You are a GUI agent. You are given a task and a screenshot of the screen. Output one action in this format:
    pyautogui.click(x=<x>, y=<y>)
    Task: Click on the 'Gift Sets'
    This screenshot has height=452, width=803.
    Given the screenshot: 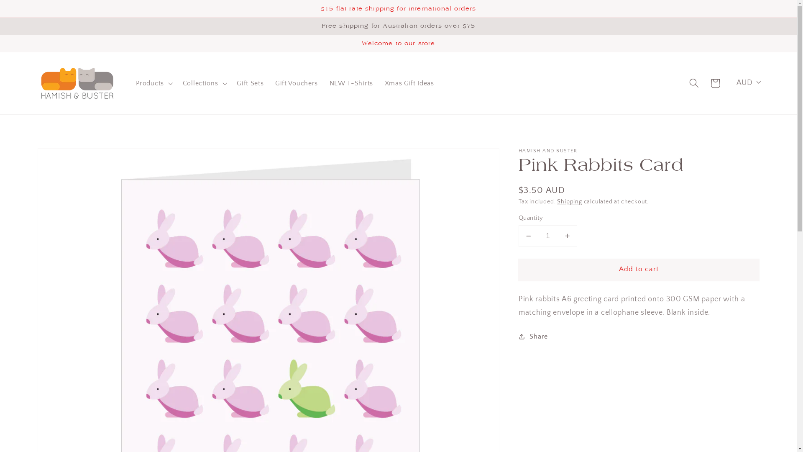 What is the action you would take?
    pyautogui.click(x=231, y=83)
    